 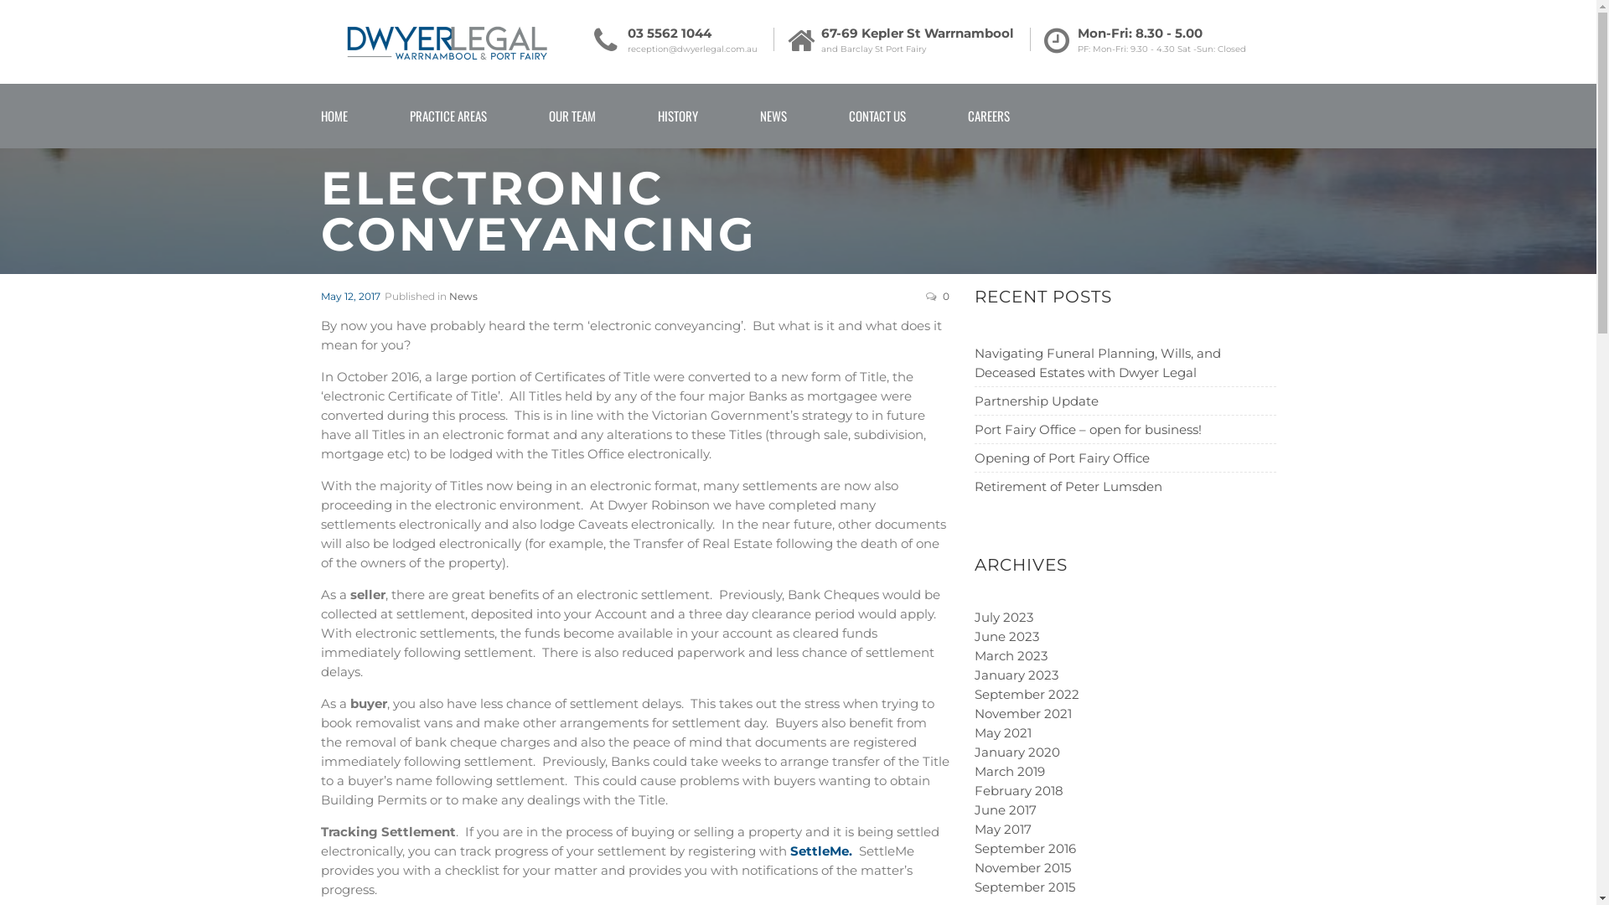 I want to click on 'January 2020', so click(x=1016, y=751).